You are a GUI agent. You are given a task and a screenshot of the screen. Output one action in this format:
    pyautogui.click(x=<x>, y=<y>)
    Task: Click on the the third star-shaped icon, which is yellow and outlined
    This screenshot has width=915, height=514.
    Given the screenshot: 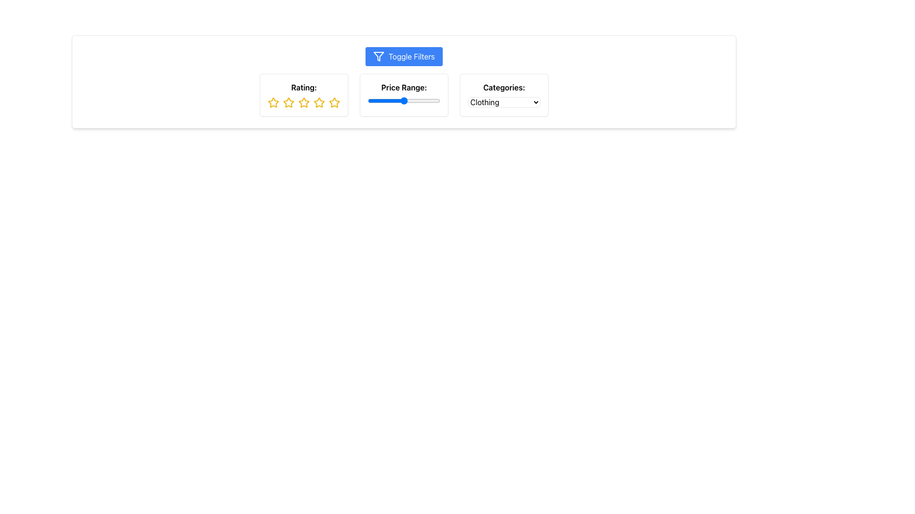 What is the action you would take?
    pyautogui.click(x=304, y=103)
    